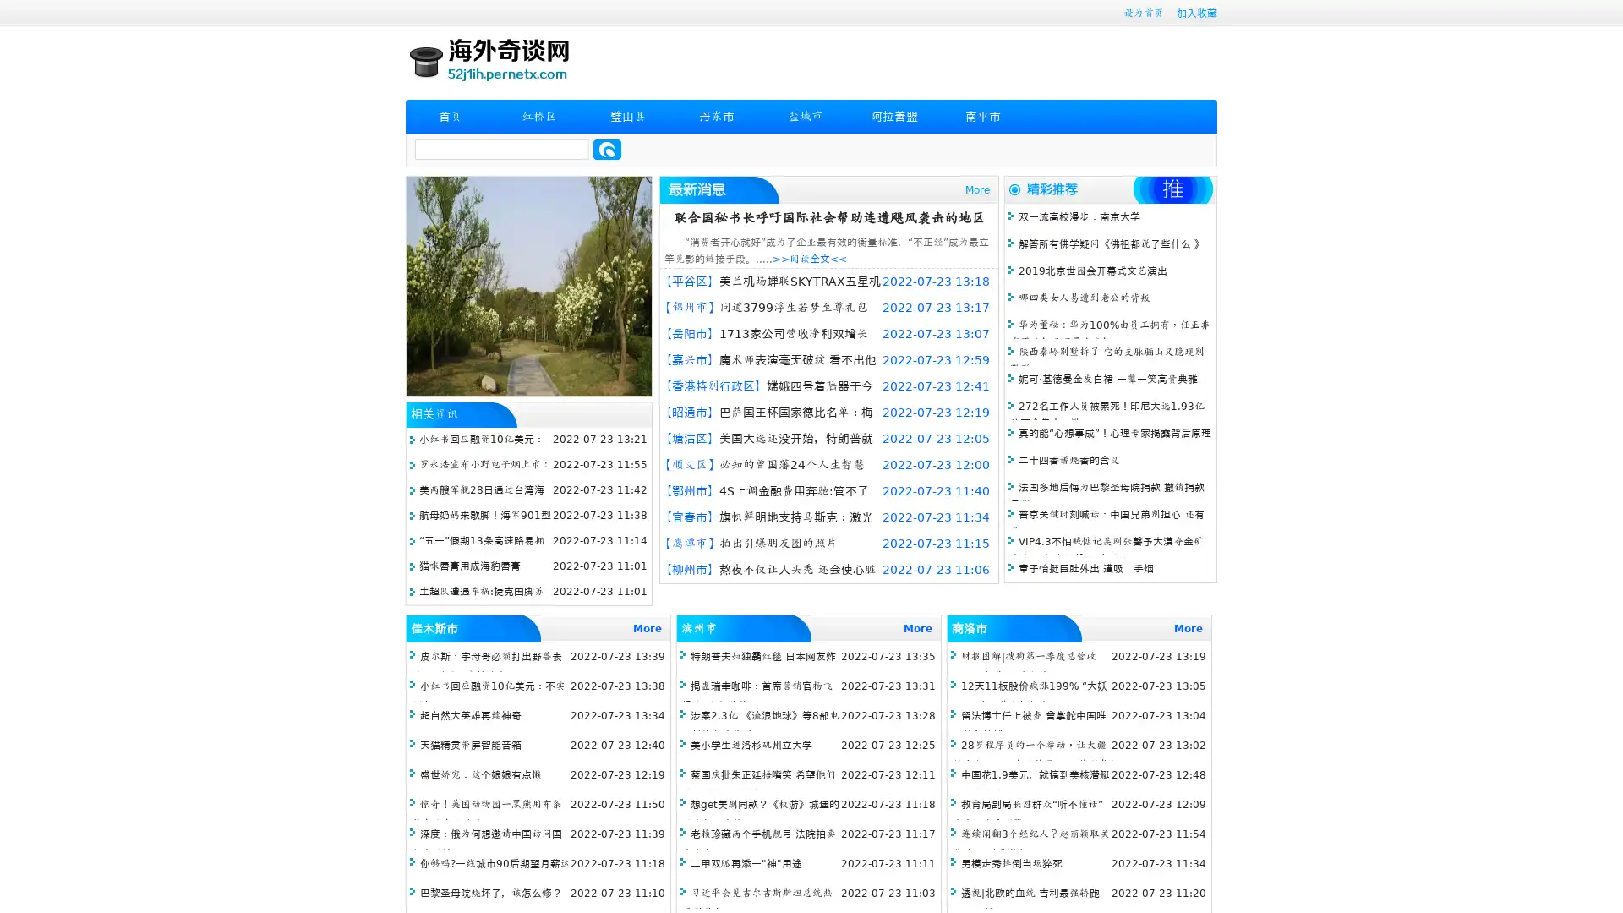  What do you see at coordinates (607, 149) in the screenshot?
I see `Search` at bounding box center [607, 149].